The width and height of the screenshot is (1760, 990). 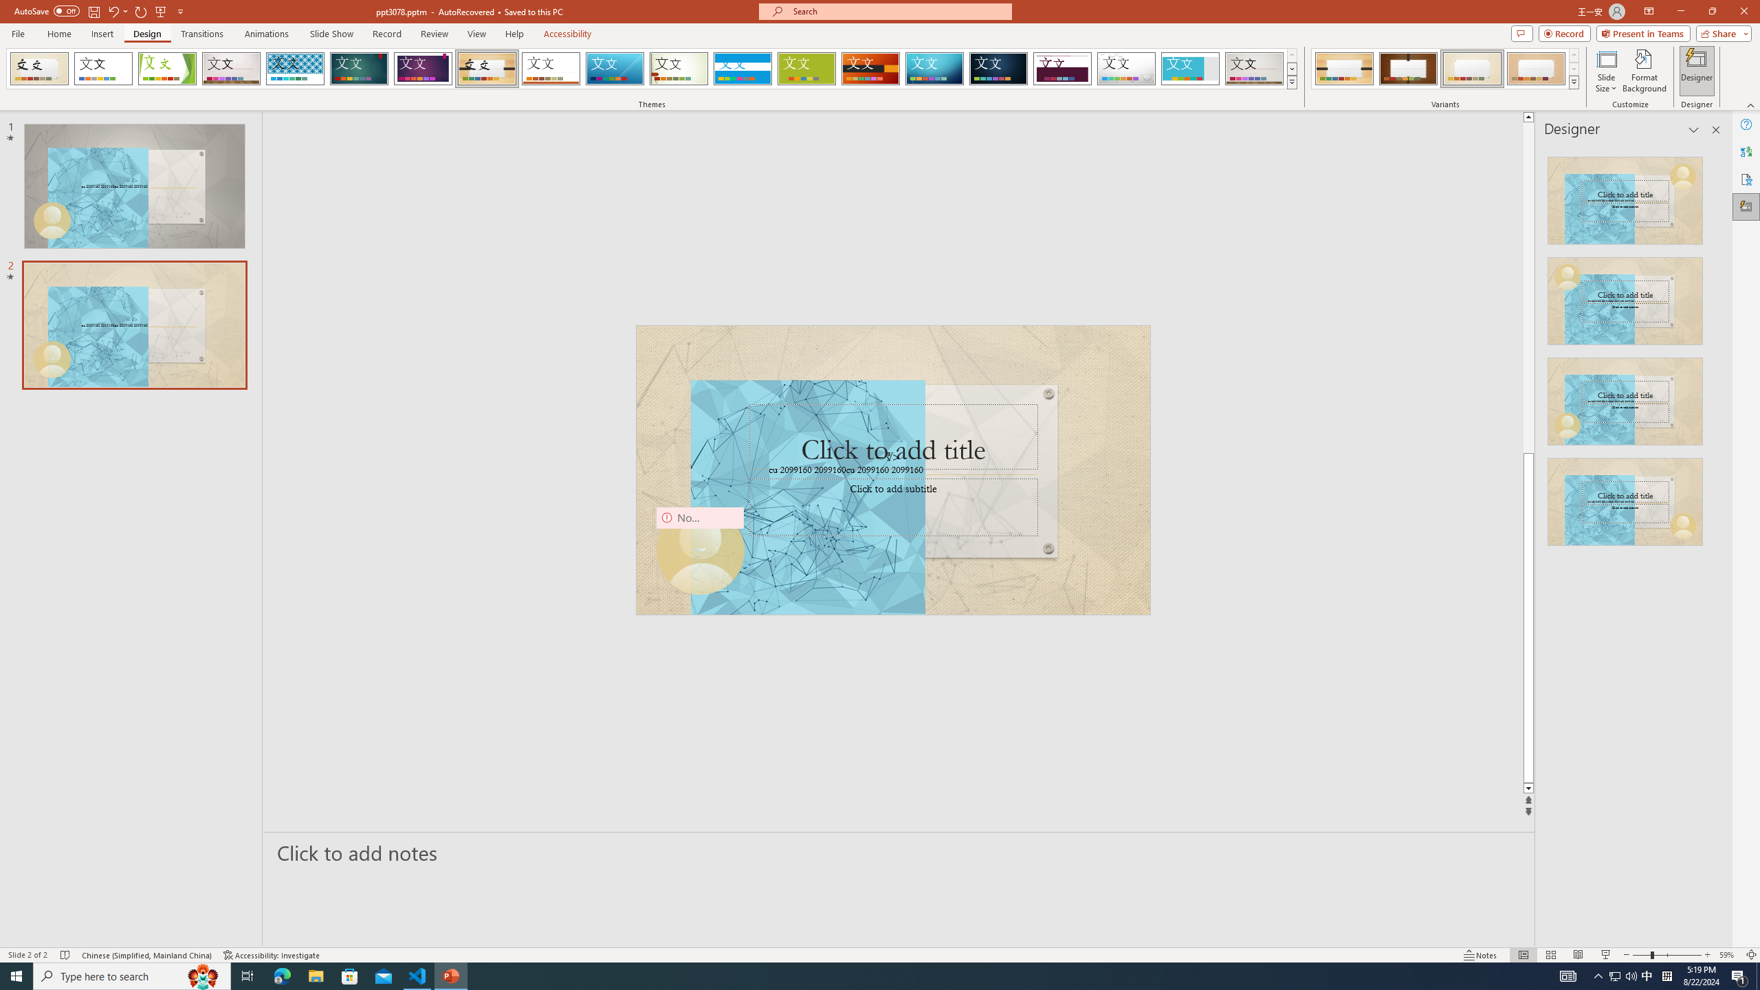 I want to click on 'Organic', so click(x=487, y=68).